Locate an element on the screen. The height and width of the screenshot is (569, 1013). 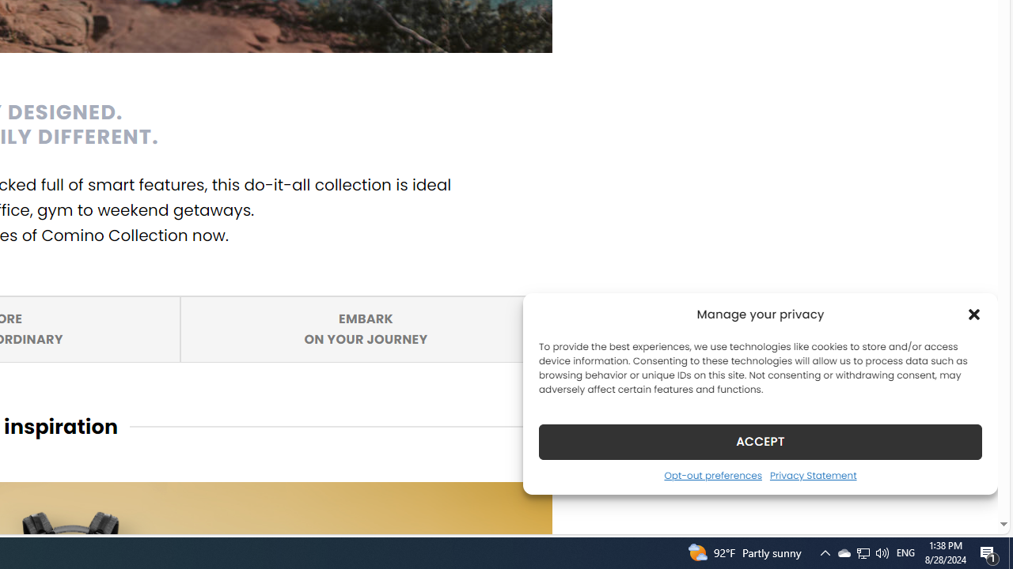
'Class: cmplz-close' is located at coordinates (973, 314).